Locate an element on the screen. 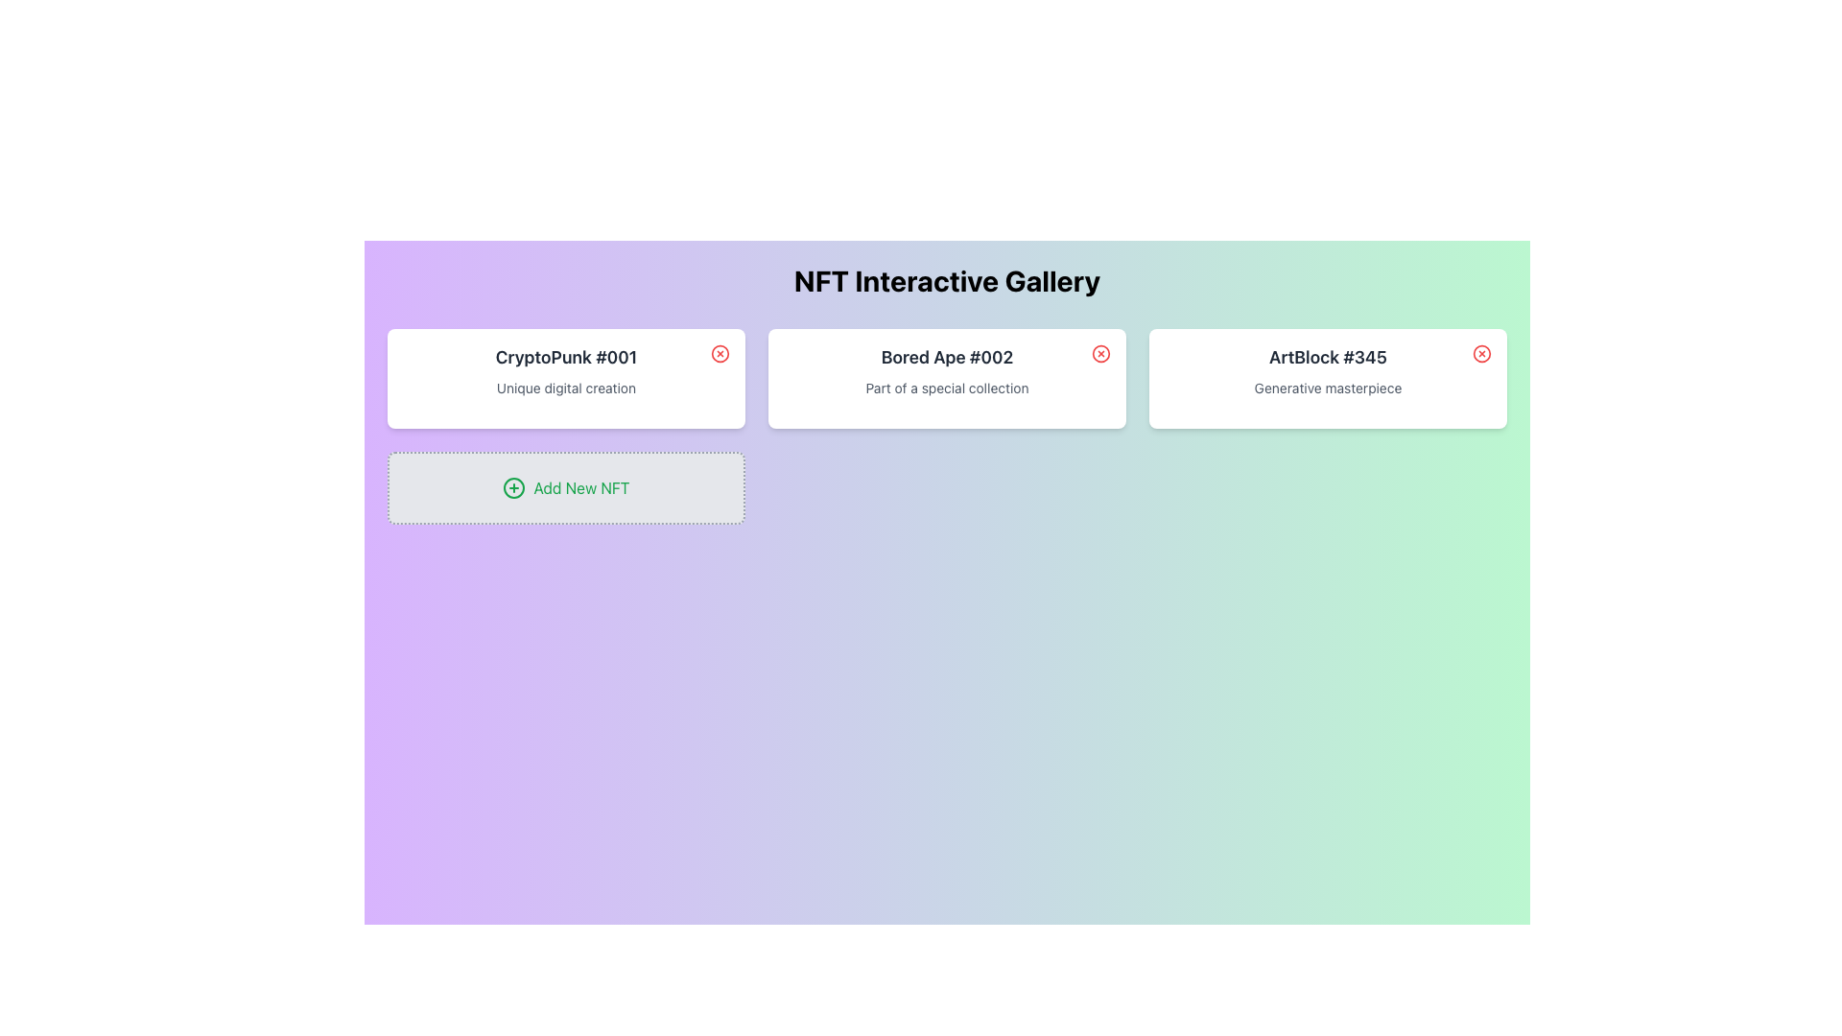 Image resolution: width=1842 pixels, height=1036 pixels. the close button located at the top-right corner of the 'Bored Ape #002' card is located at coordinates (1100, 354).